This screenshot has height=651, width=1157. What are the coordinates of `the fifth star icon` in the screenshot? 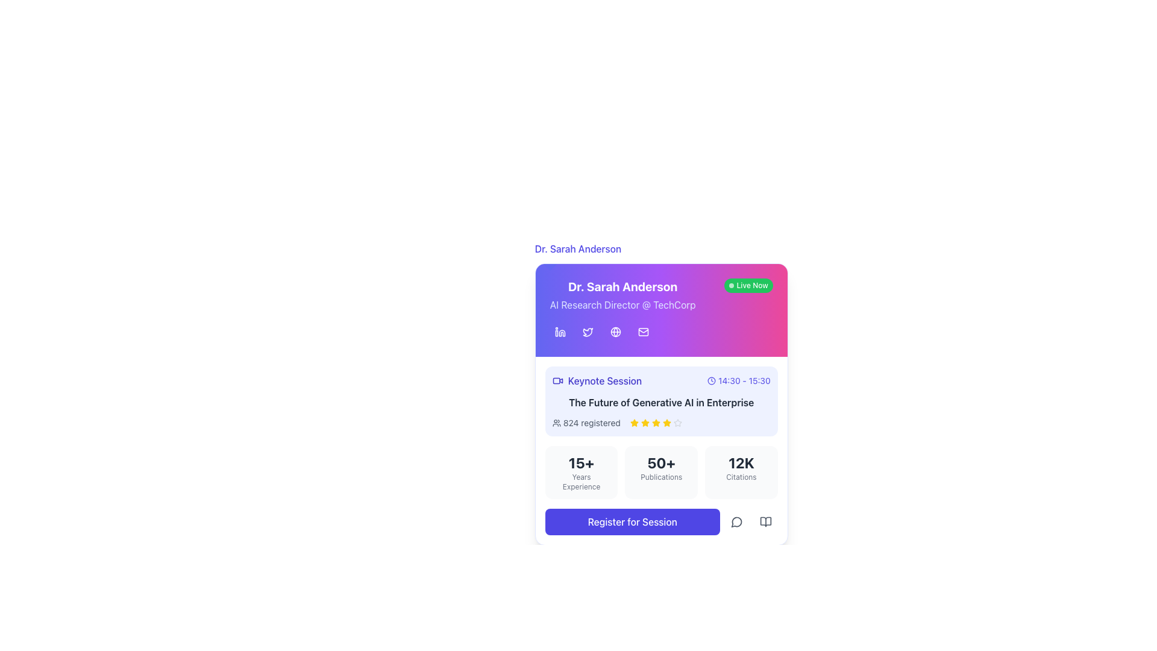 It's located at (655, 423).